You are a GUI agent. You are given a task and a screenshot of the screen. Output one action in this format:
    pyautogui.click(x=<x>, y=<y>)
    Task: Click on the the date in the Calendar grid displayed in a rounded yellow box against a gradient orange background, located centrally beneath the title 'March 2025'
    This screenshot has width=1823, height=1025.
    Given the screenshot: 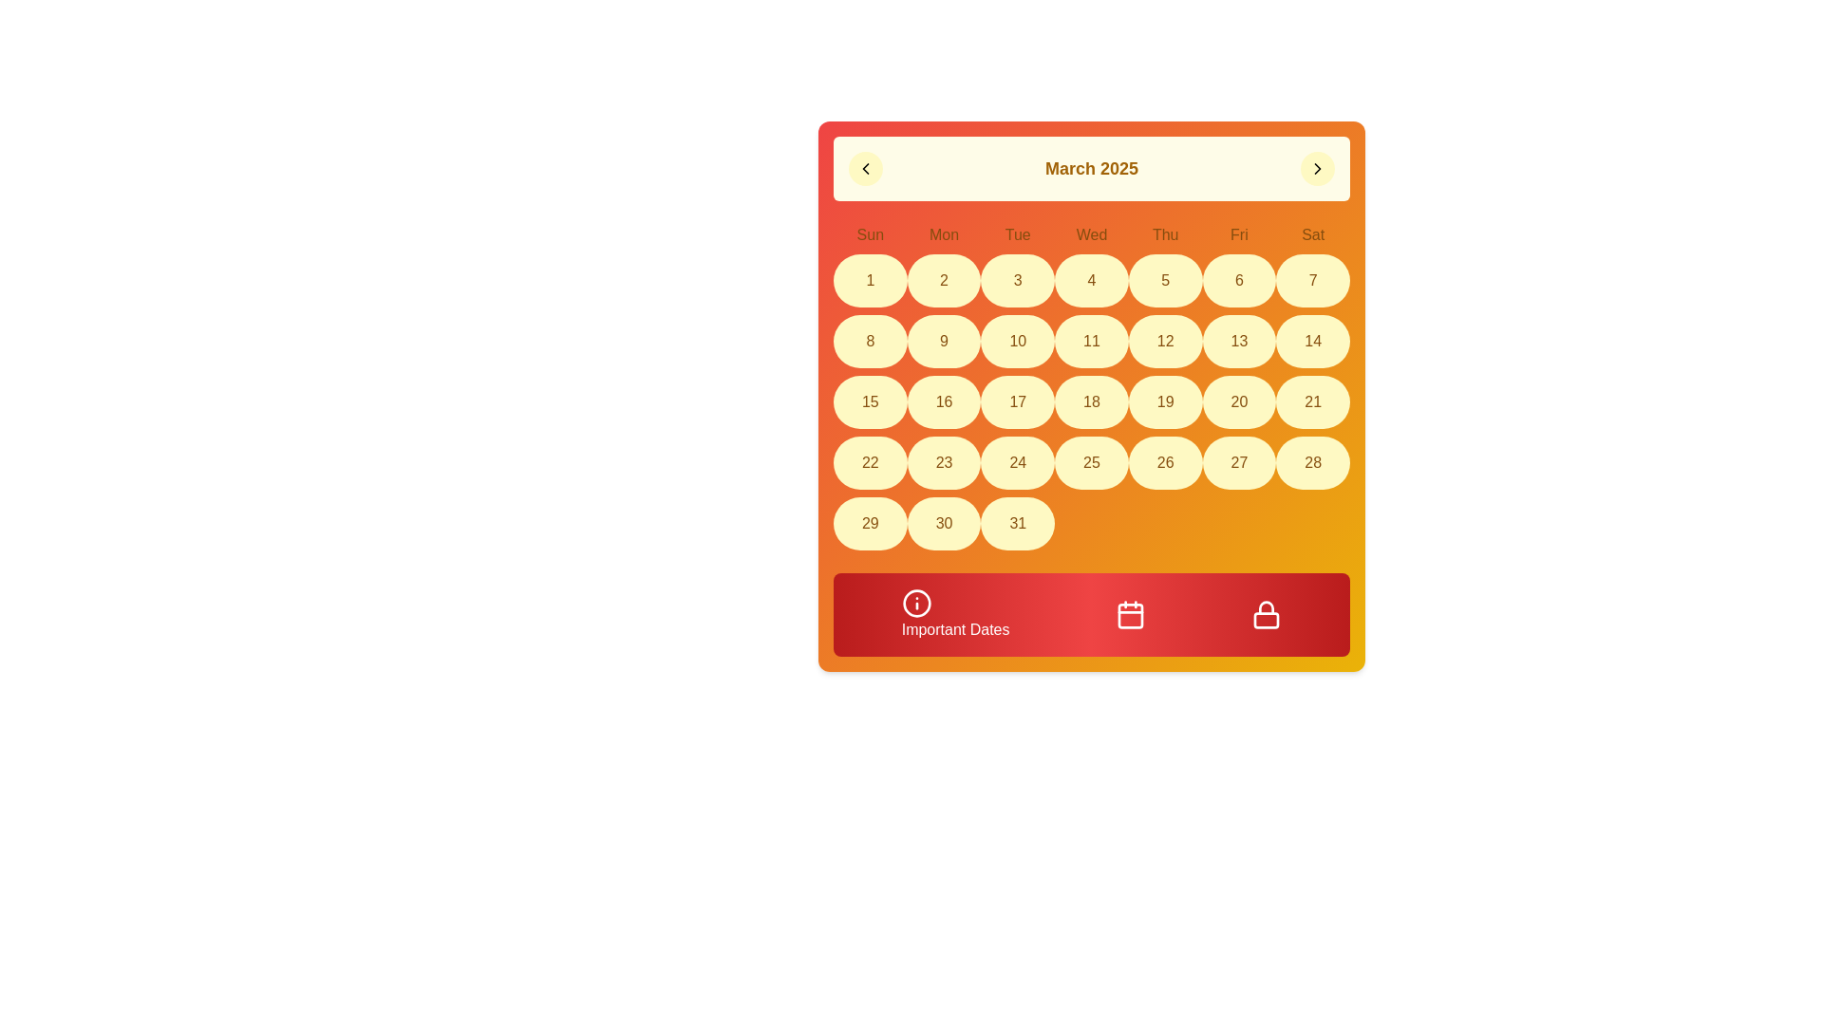 What is the action you would take?
    pyautogui.click(x=1092, y=386)
    